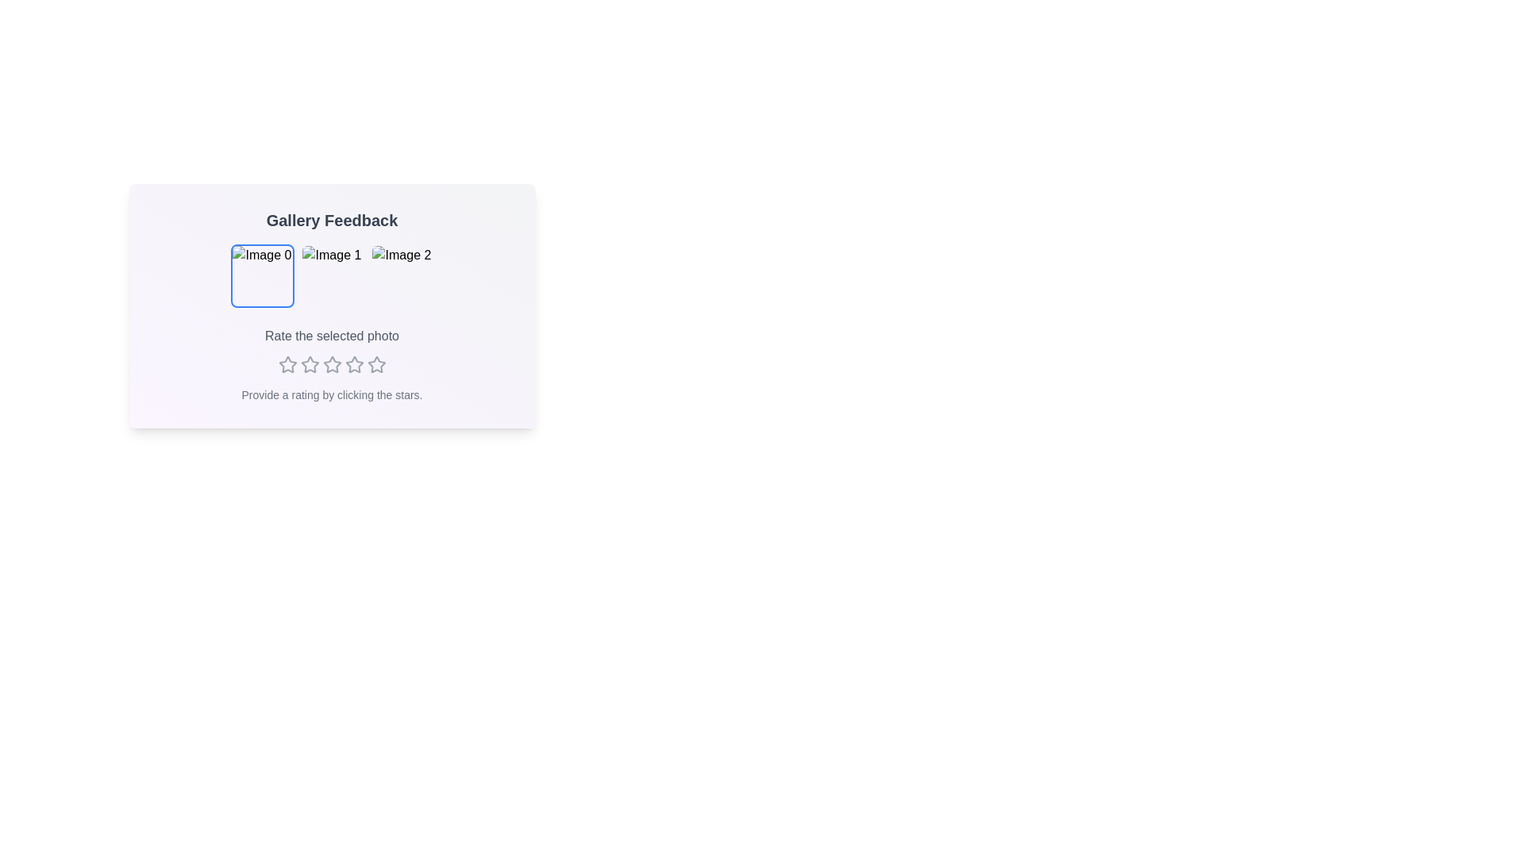 The width and height of the screenshot is (1524, 857). What do you see at coordinates (287, 364) in the screenshot?
I see `the first interactive star icon for ratings` at bounding box center [287, 364].